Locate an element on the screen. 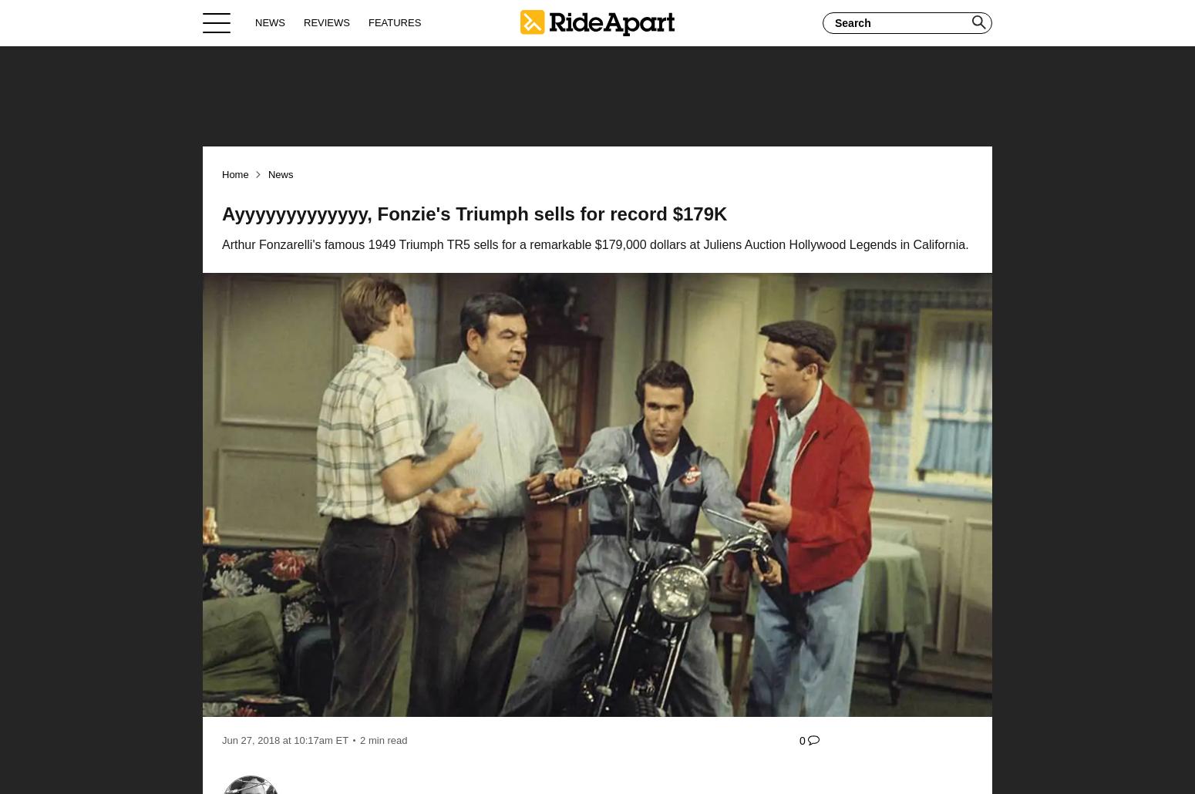 This screenshot has height=794, width=1195. 'Home' is located at coordinates (235, 174).